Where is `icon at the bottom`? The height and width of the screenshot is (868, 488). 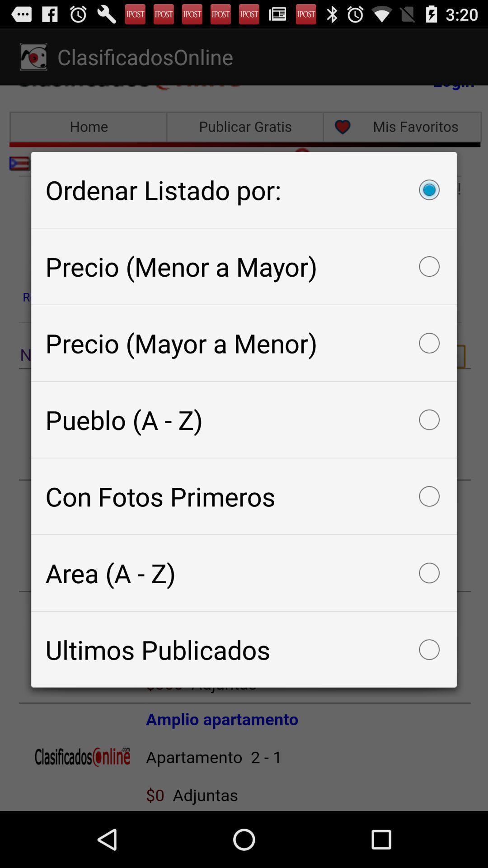 icon at the bottom is located at coordinates (244, 649).